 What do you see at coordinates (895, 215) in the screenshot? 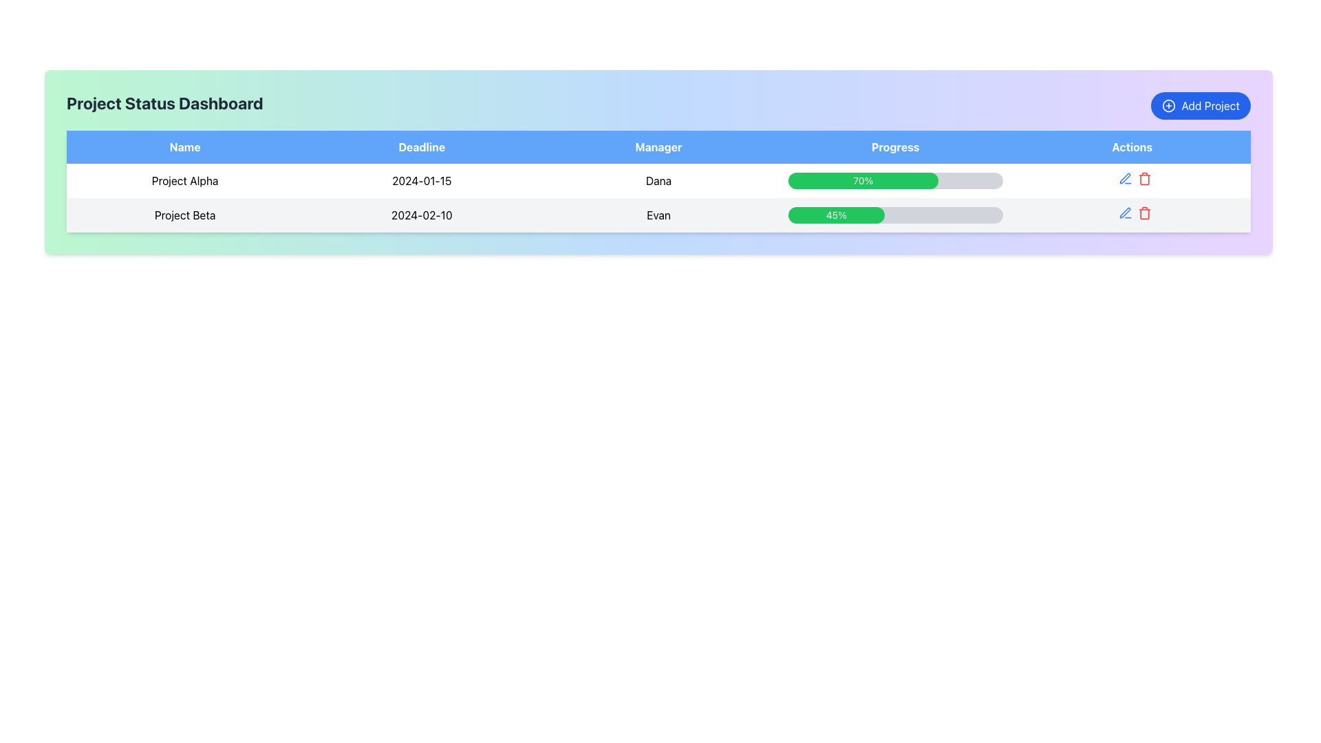
I see `the progress bar displaying '45%' in the Progress column of the second row` at bounding box center [895, 215].